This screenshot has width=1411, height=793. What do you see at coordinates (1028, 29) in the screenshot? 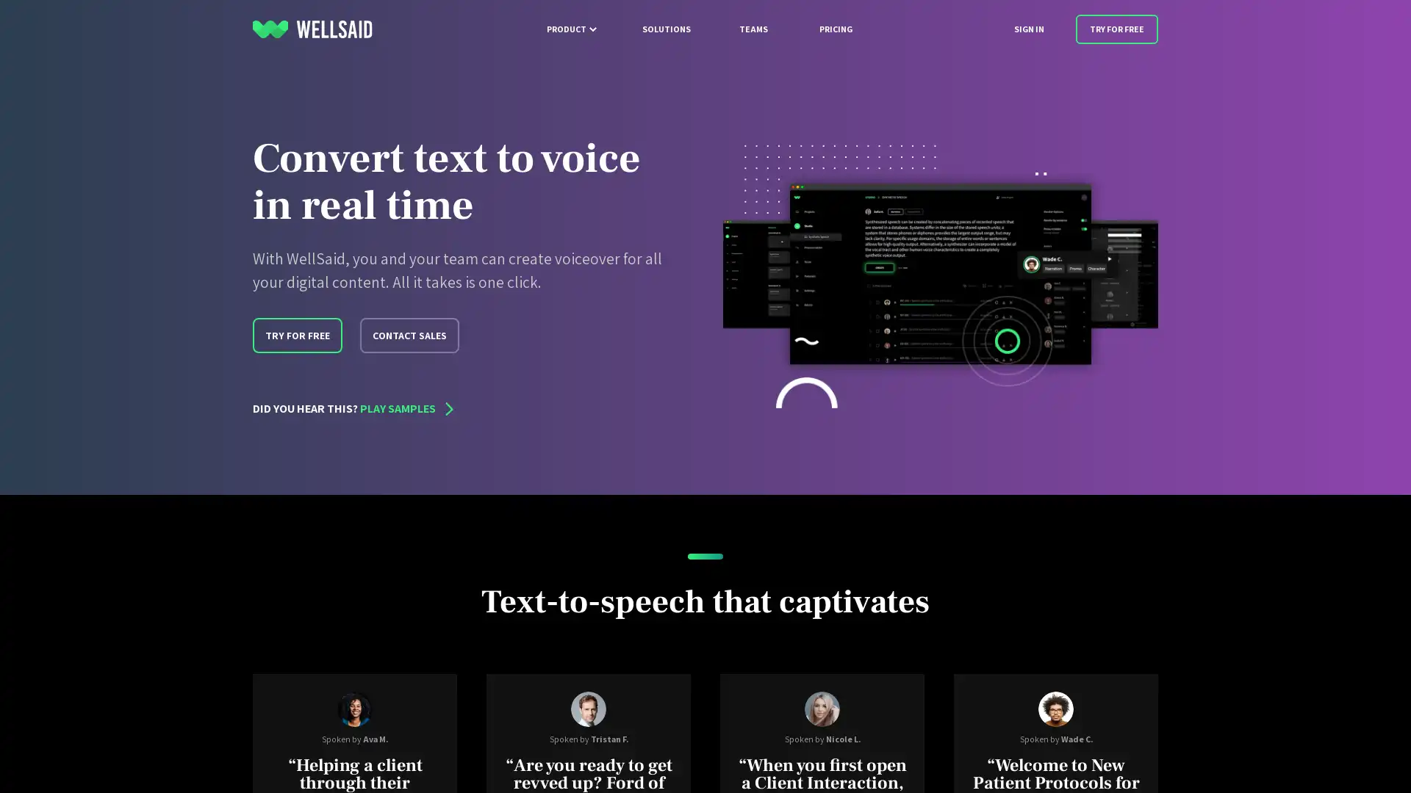
I see `SIGN IN` at bounding box center [1028, 29].